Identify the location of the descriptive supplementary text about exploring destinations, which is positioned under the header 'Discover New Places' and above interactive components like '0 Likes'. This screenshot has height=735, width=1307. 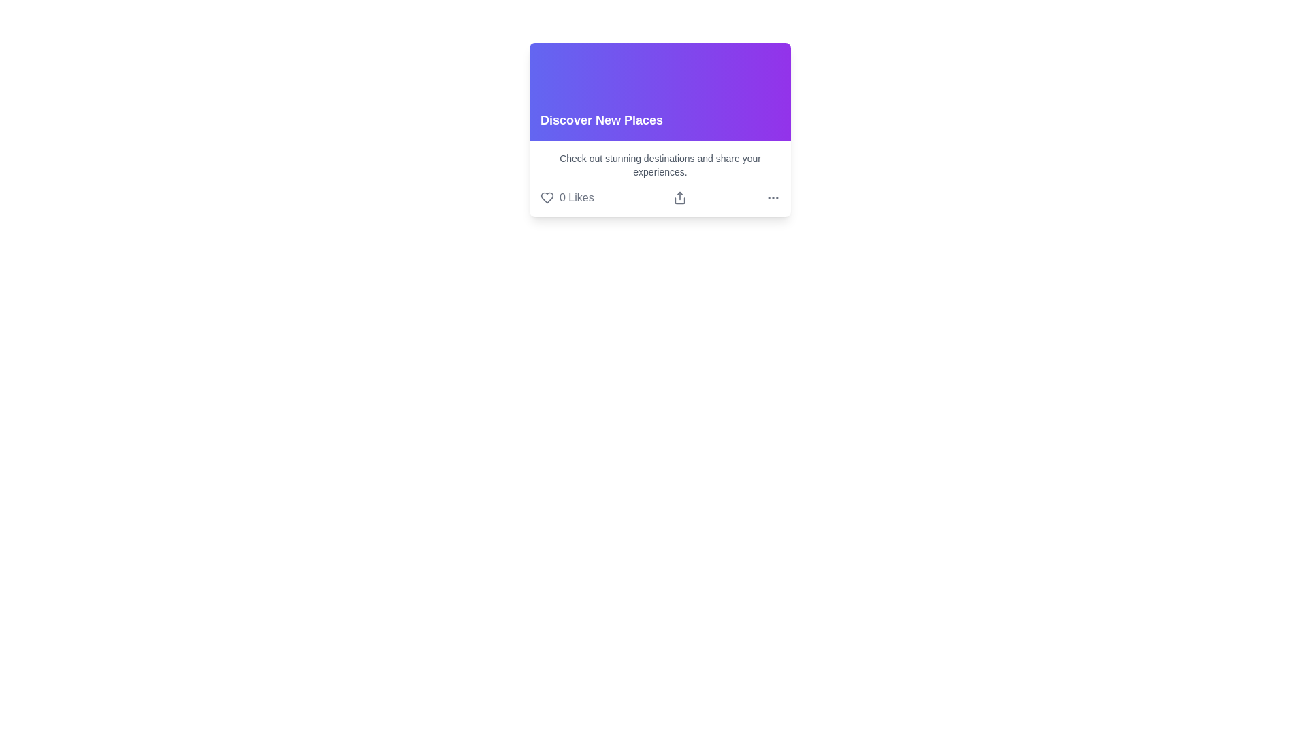
(660, 165).